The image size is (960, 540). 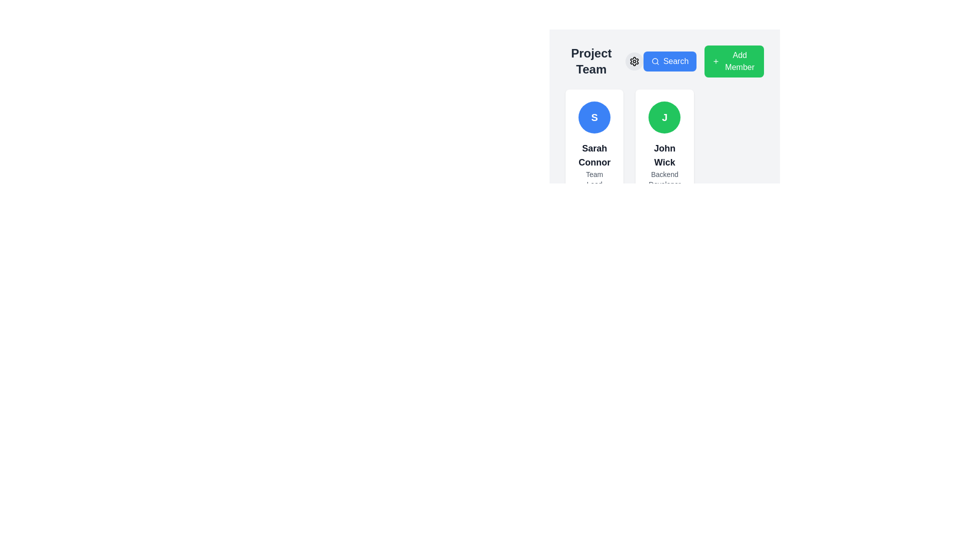 I want to click on the 'Add Member' text label within the green button located at the top-right area of the interface, which allows users, so click(x=739, y=61).